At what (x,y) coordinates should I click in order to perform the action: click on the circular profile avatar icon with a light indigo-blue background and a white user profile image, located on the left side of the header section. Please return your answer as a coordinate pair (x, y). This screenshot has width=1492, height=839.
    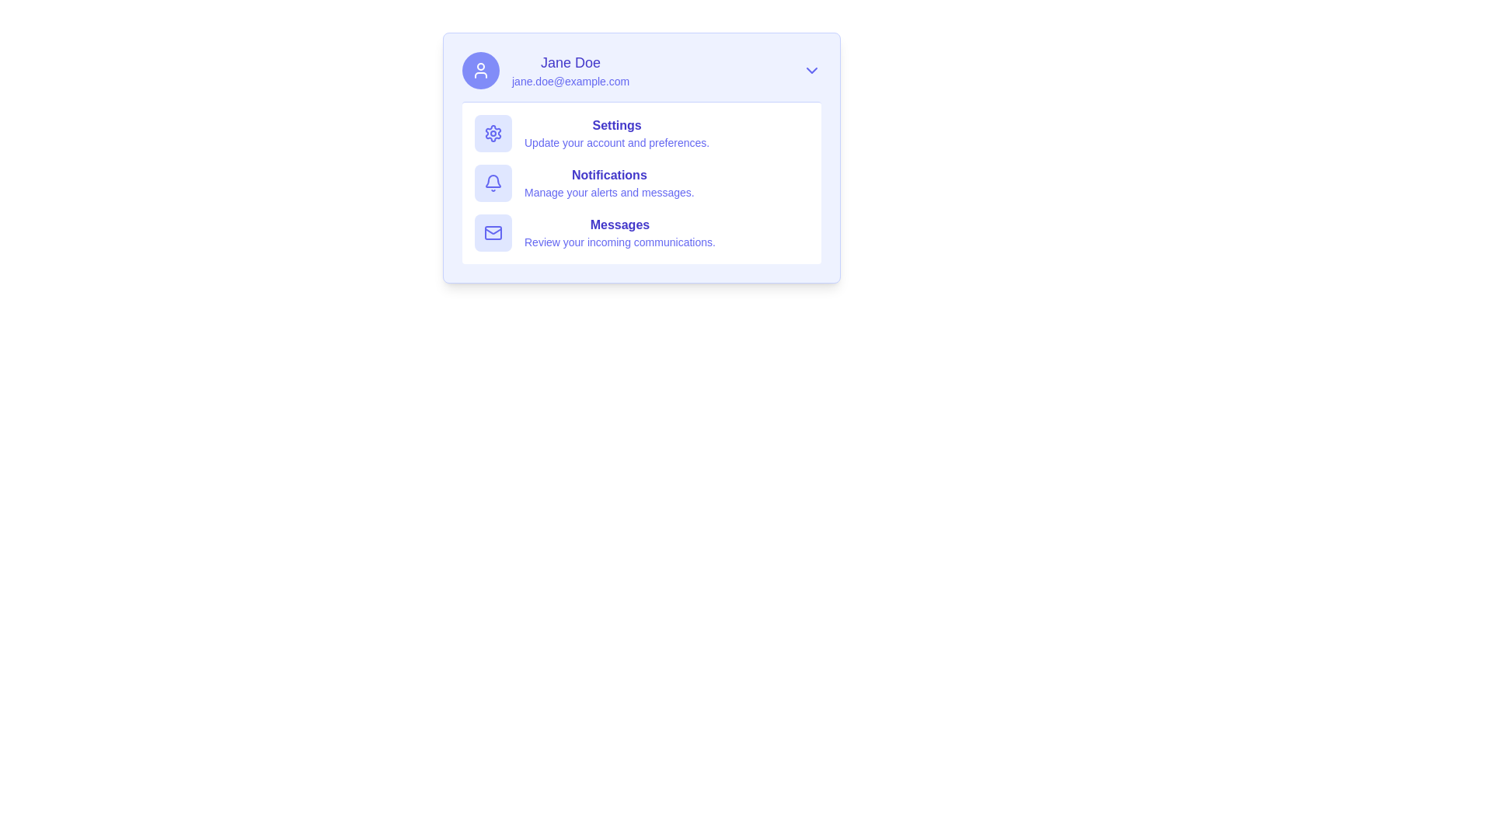
    Looking at the image, I should click on (480, 71).